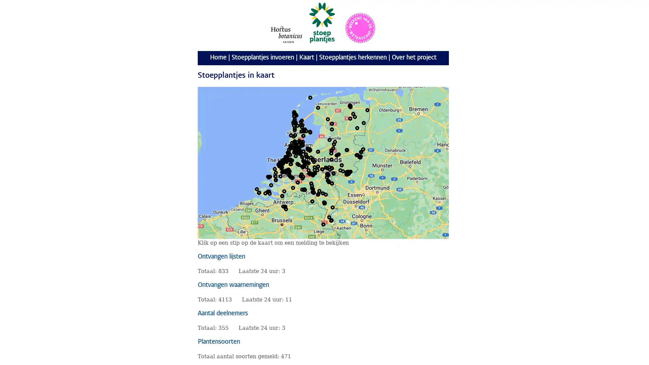 Image resolution: width=649 pixels, height=365 pixels. I want to click on Telling van majosjul op 20 maart 2022, so click(291, 146).